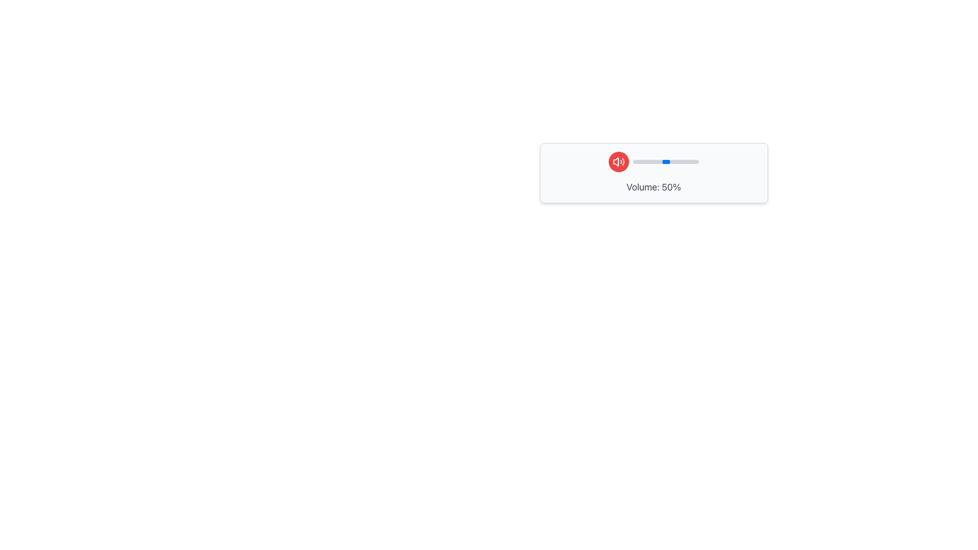 The height and width of the screenshot is (550, 978). Describe the element at coordinates (642, 161) in the screenshot. I see `volume` at that location.